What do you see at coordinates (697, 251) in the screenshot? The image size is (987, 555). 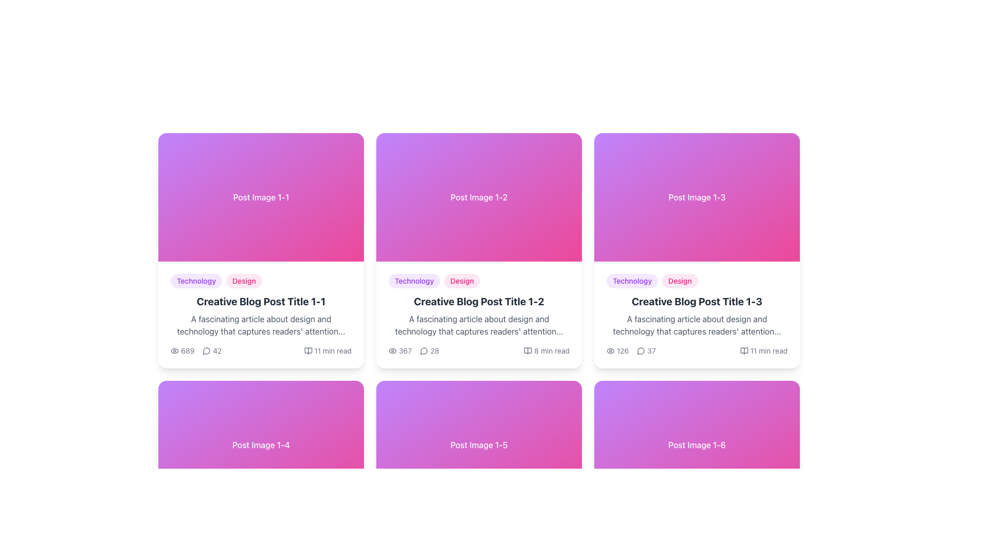 I see `the third blog post card in the grid layout featuring the title 'Creative Blog Post Title 1-3'` at bounding box center [697, 251].